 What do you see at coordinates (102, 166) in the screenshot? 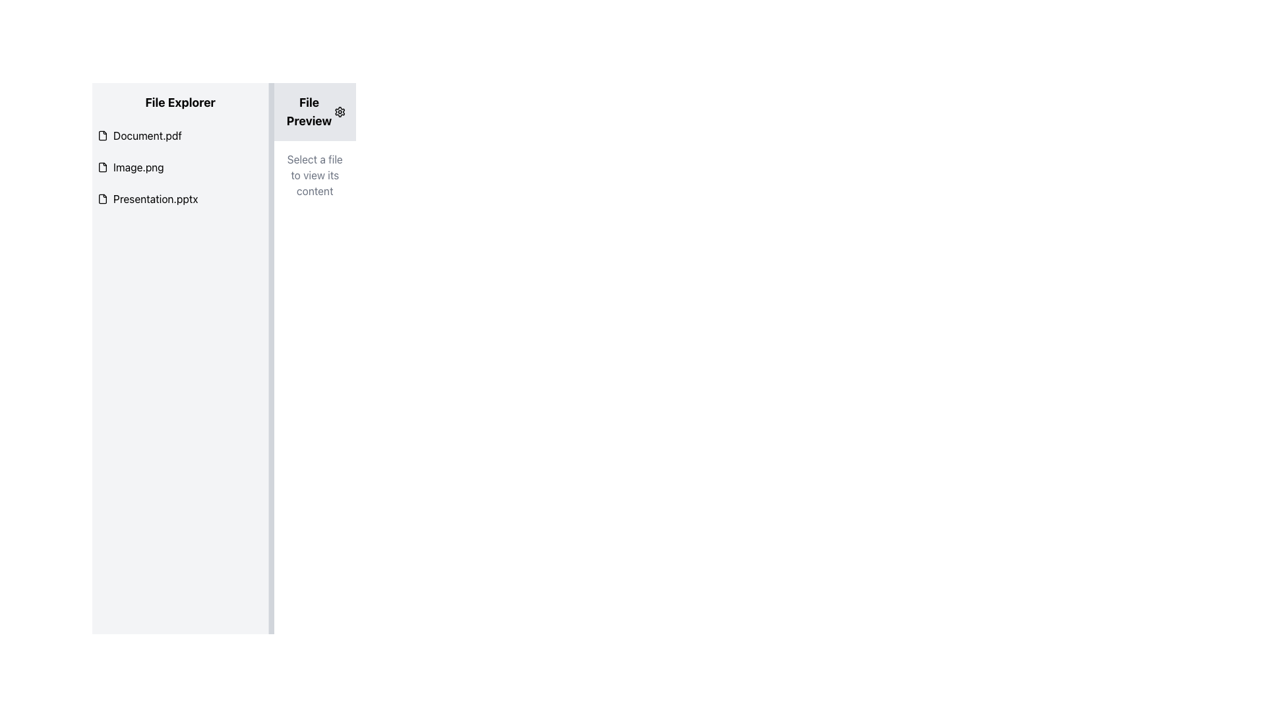
I see `the file type icon for 'Image.png' in the second position of the file list in the 'File Explorer' section on the left panel` at bounding box center [102, 166].